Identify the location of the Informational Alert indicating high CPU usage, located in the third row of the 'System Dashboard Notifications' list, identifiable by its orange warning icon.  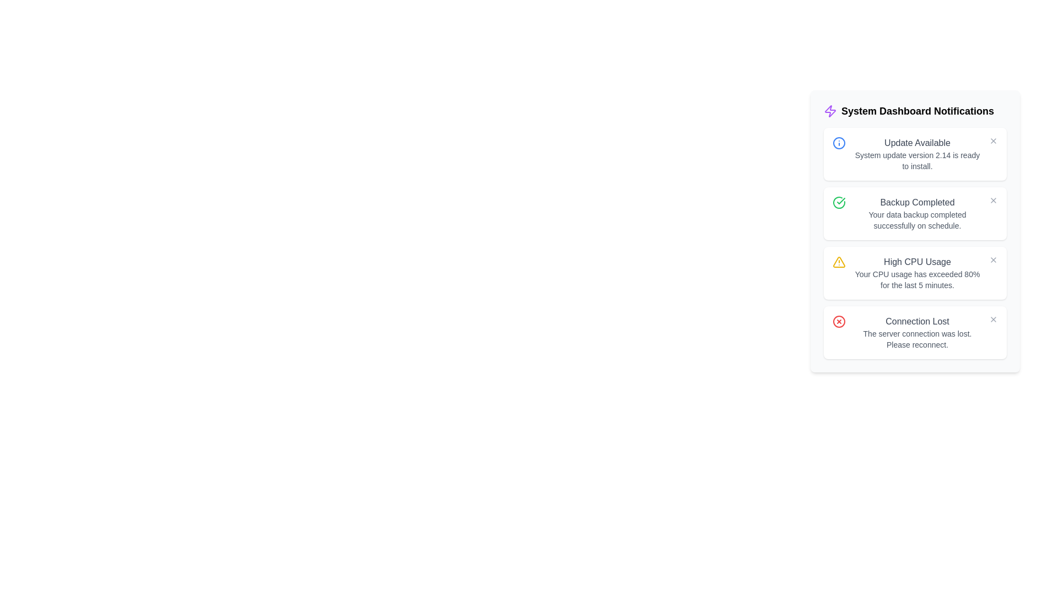
(917, 273).